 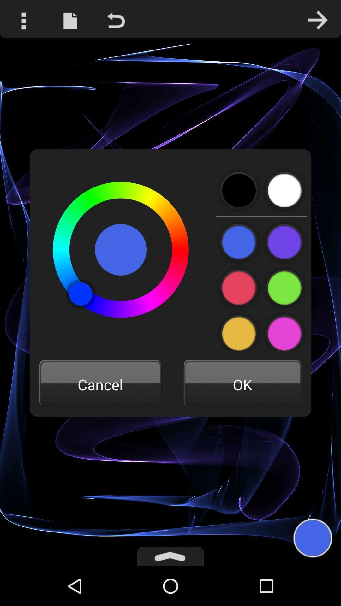 What do you see at coordinates (239, 190) in the screenshot?
I see `back` at bounding box center [239, 190].